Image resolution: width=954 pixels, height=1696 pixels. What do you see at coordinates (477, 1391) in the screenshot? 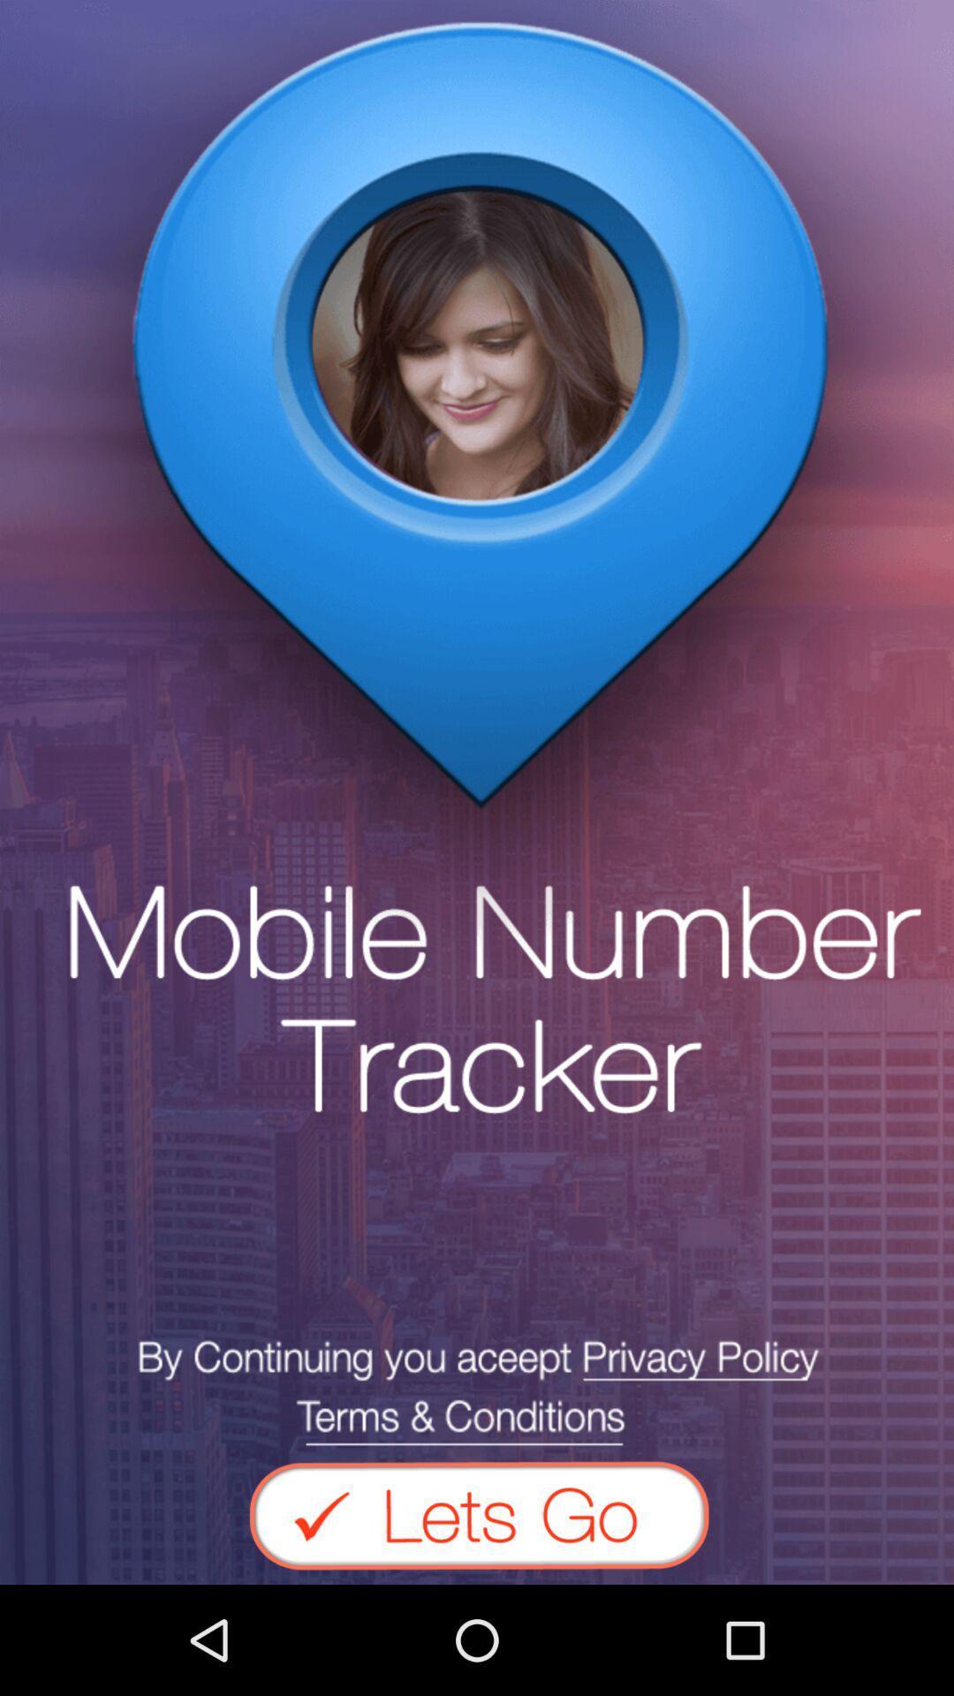
I see `terms conditions` at bounding box center [477, 1391].